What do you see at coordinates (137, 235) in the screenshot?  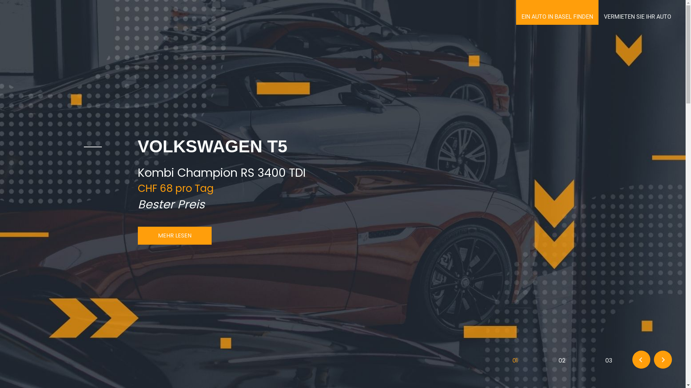 I see `'MEHR LESEN'` at bounding box center [137, 235].